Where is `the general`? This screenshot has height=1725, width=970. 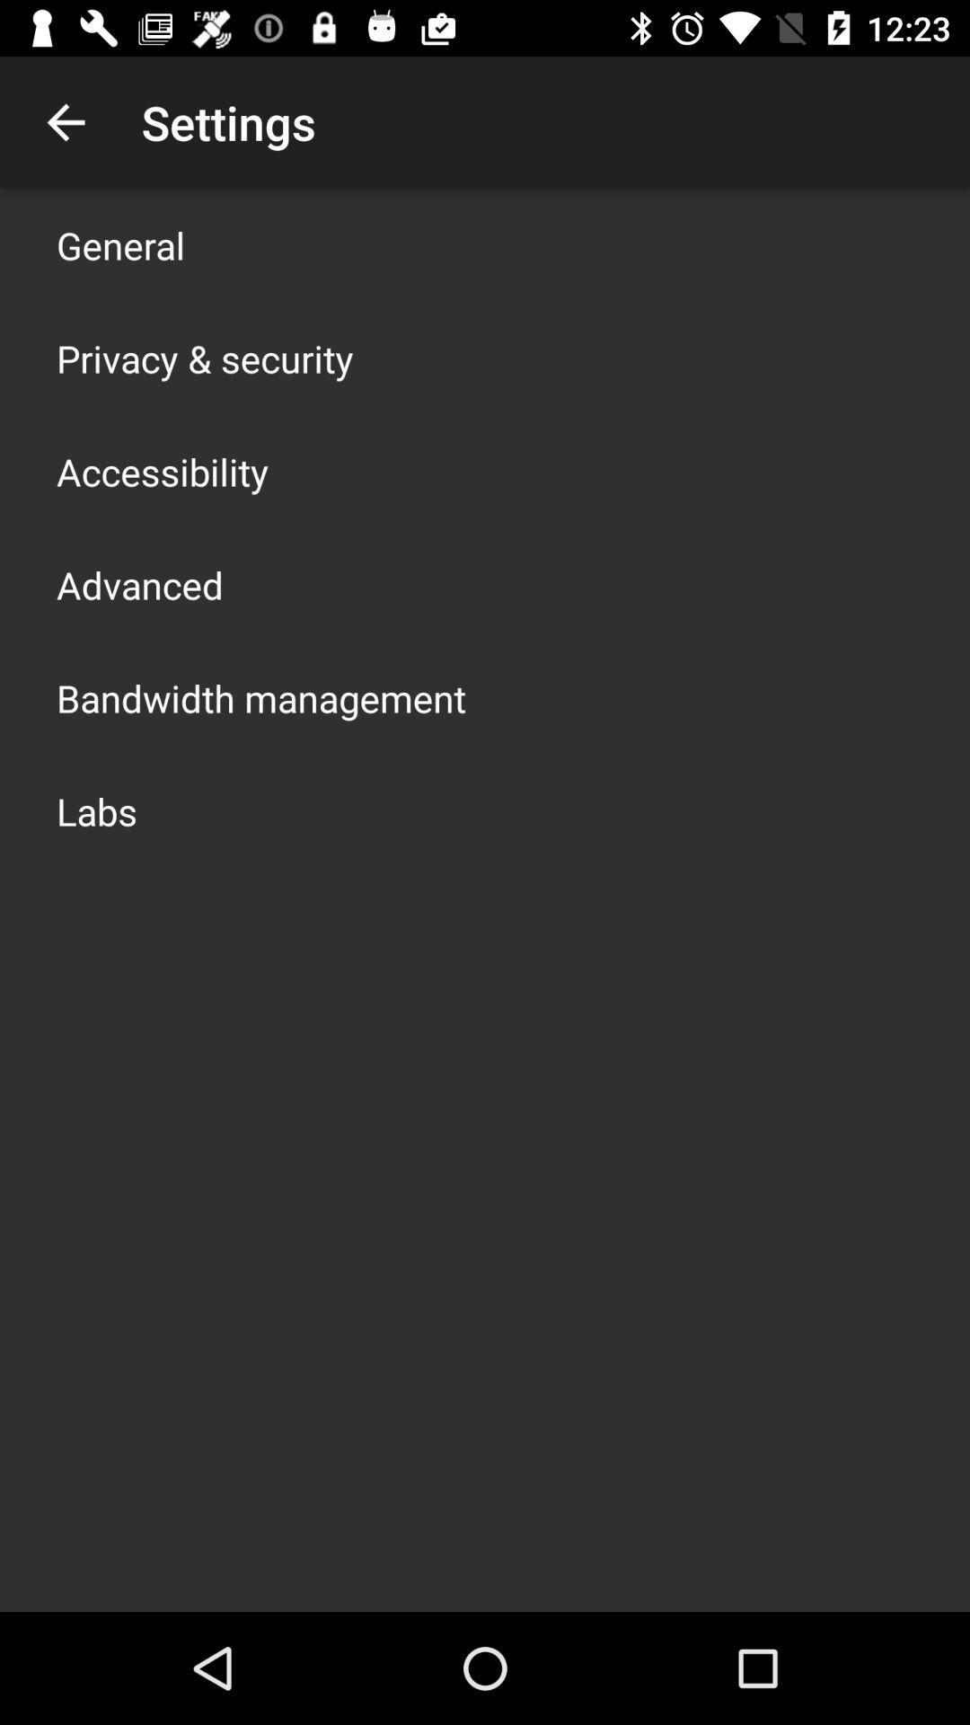
the general is located at coordinates (120, 244).